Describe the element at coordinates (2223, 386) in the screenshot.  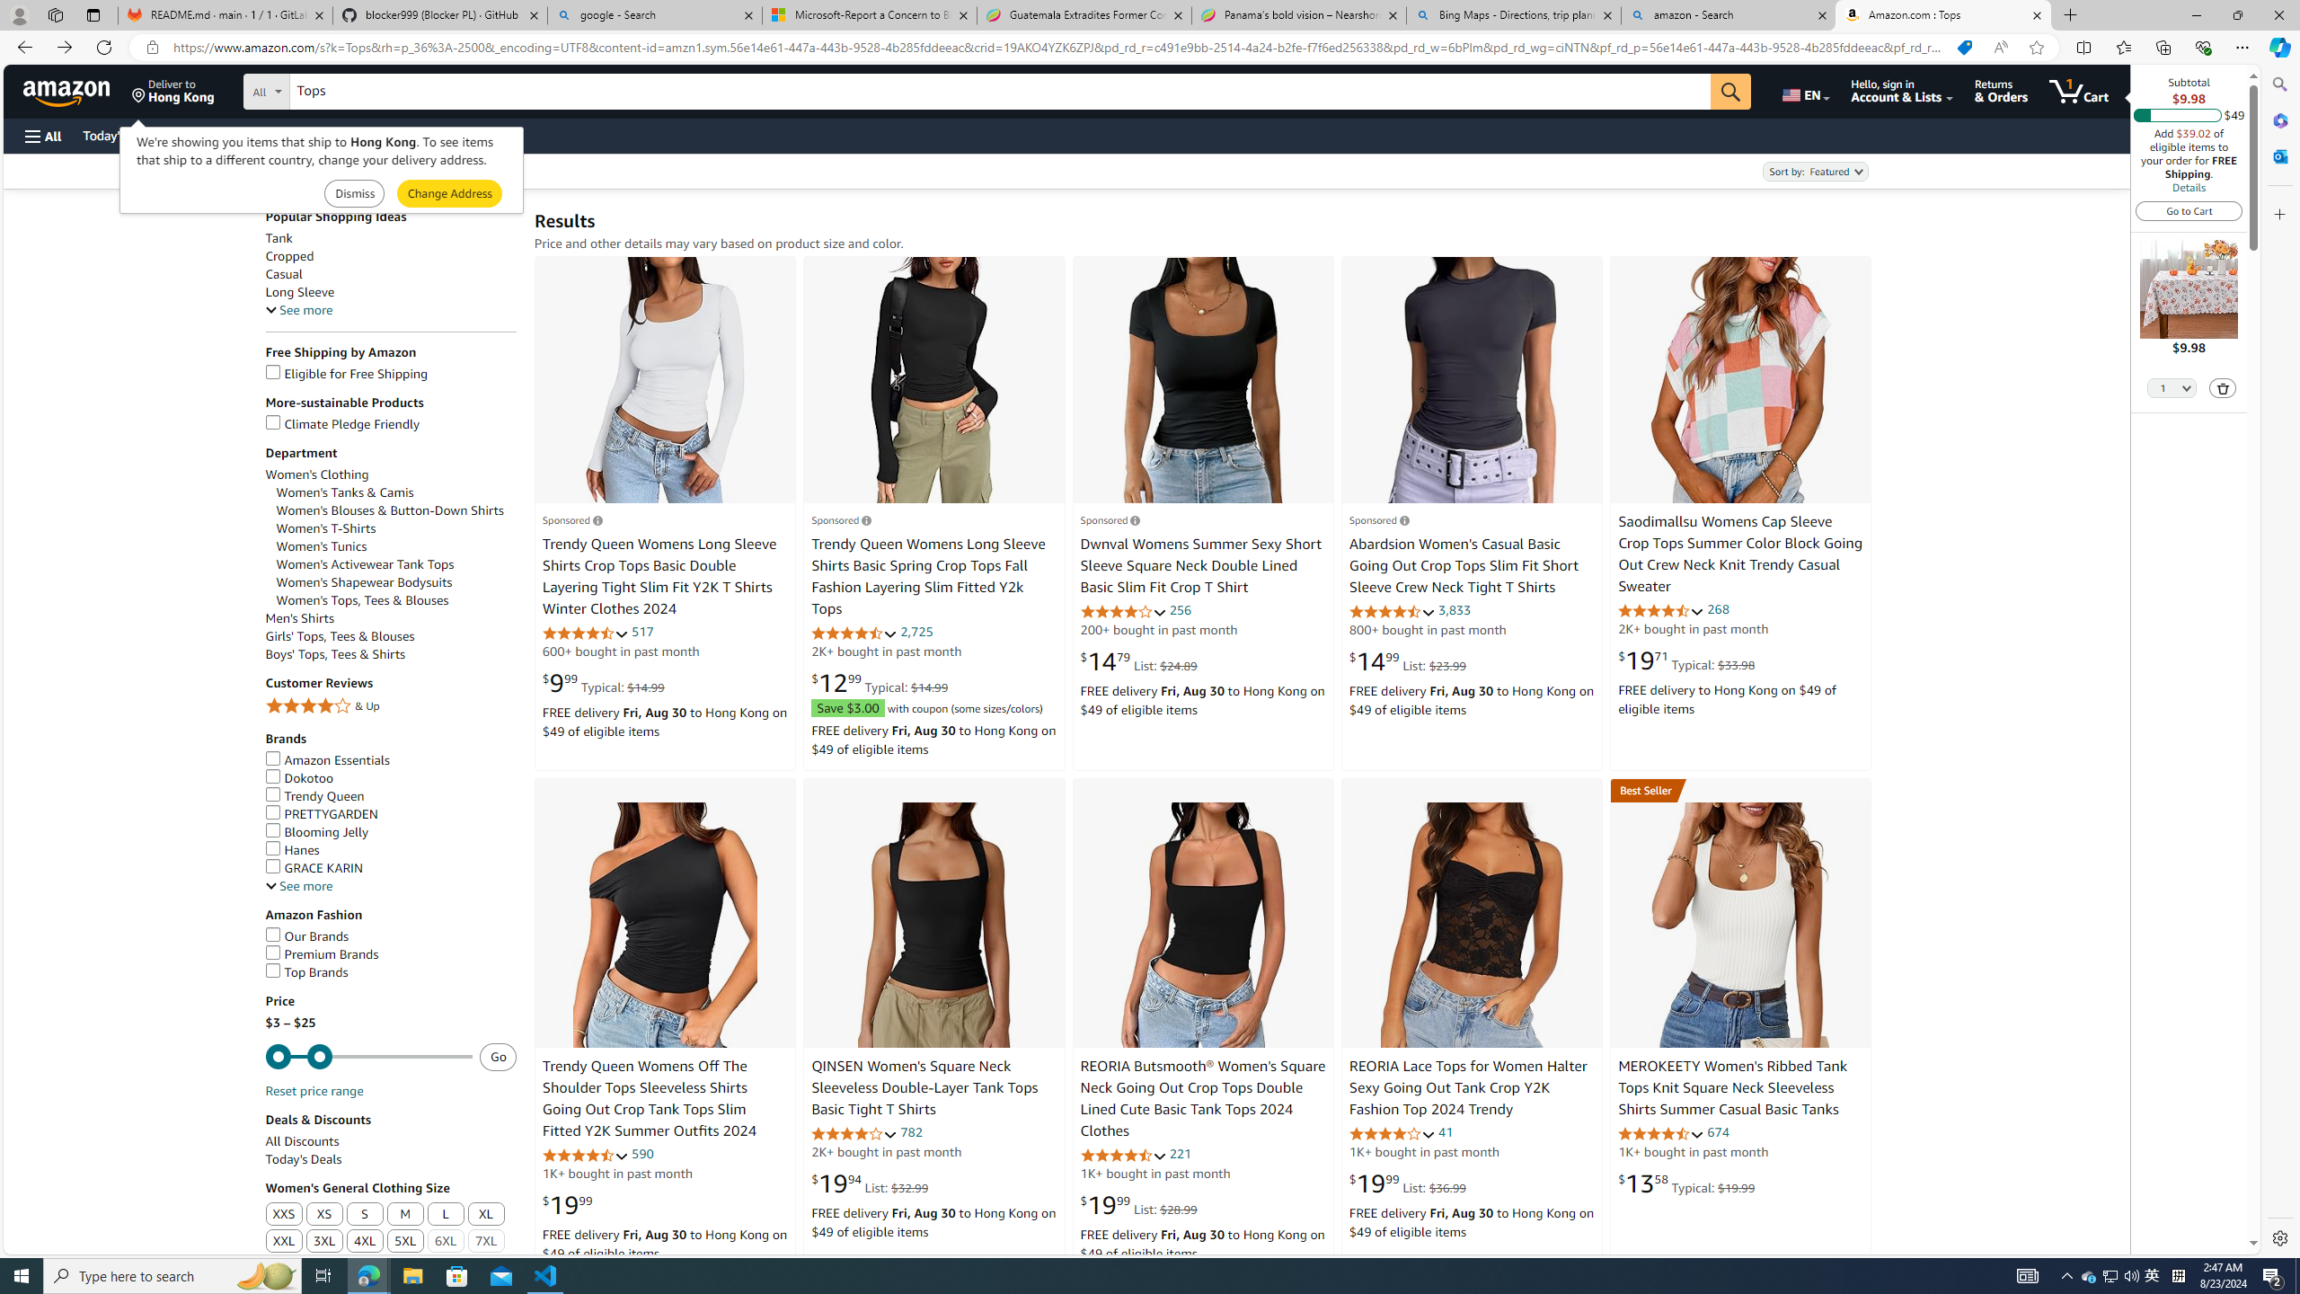
I see `'Delete'` at that location.